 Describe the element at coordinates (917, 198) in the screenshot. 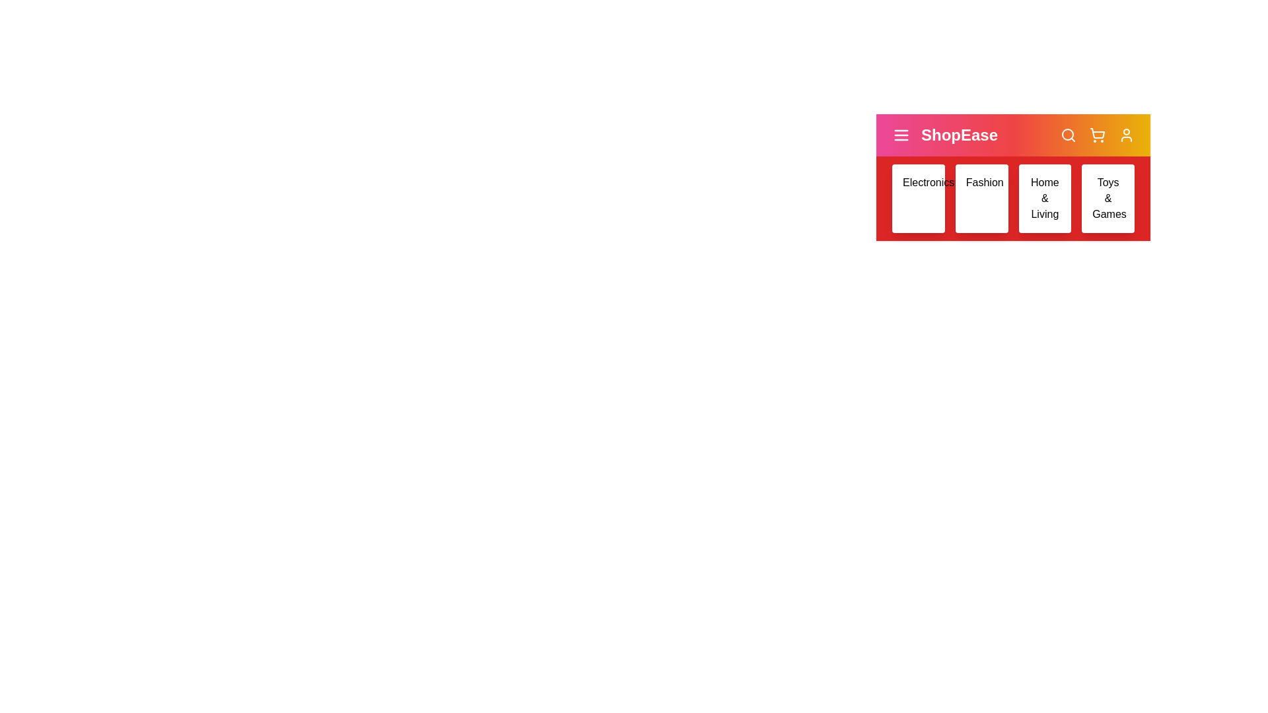

I see `the category Electronics in the dropdown menu` at that location.